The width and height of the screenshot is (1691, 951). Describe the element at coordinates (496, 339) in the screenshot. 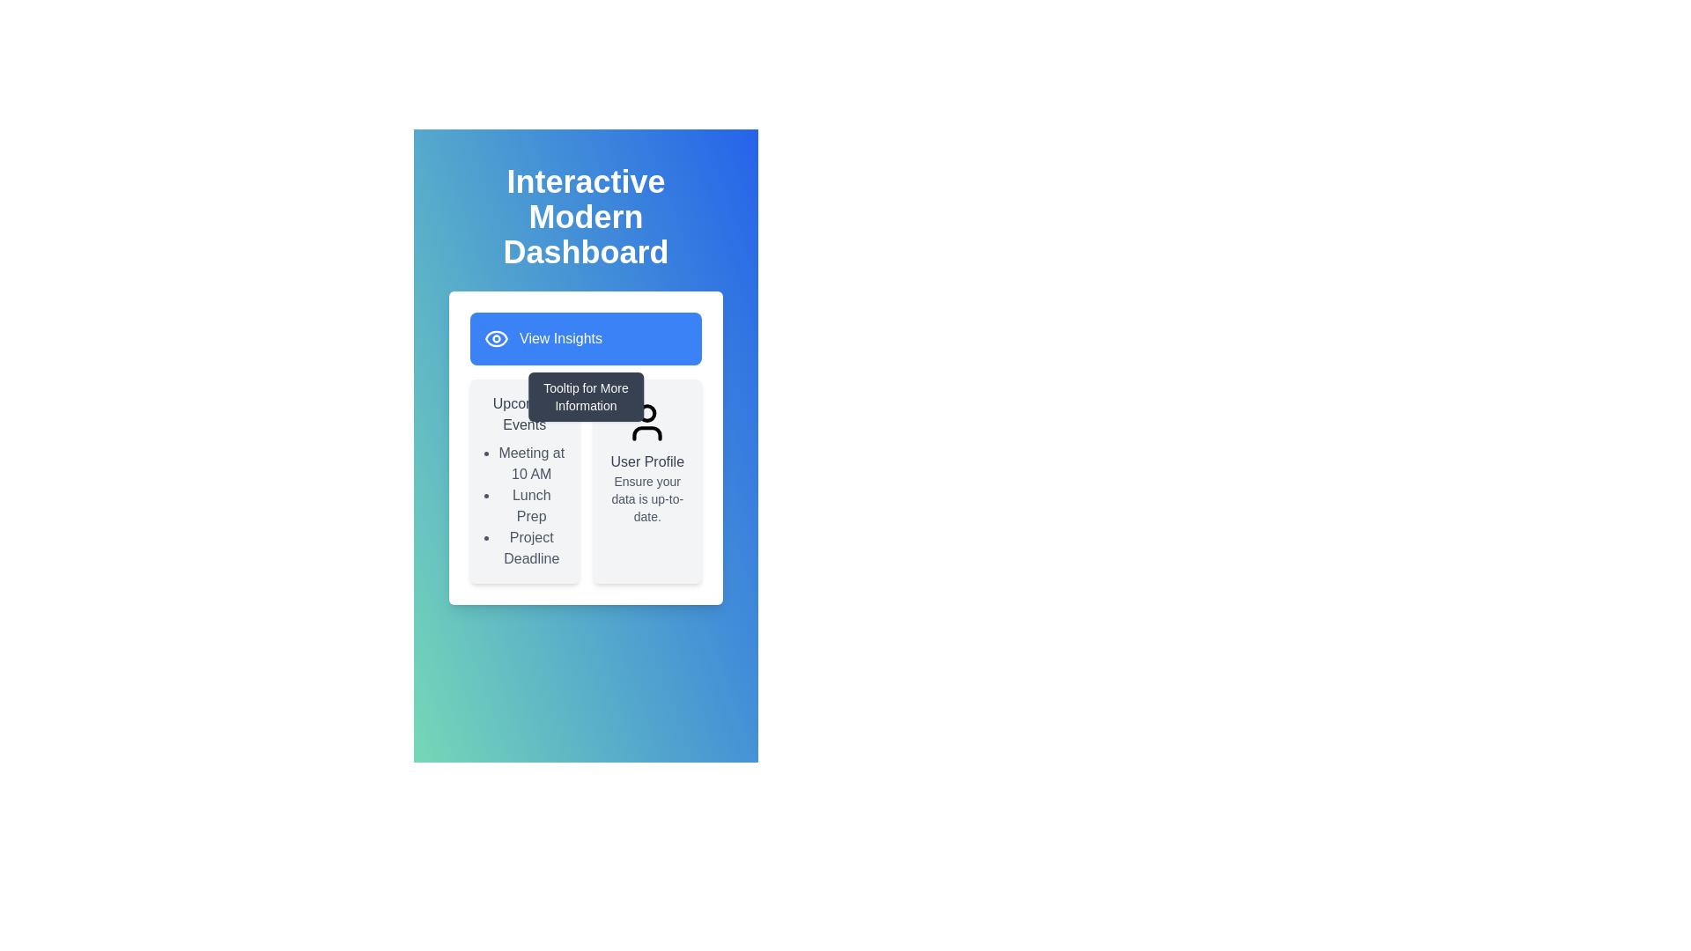

I see `the eye icon that represents the 'View Insights' action, located to the left of the text label on the button at the upper left of the dashboard card with a blue background` at that location.